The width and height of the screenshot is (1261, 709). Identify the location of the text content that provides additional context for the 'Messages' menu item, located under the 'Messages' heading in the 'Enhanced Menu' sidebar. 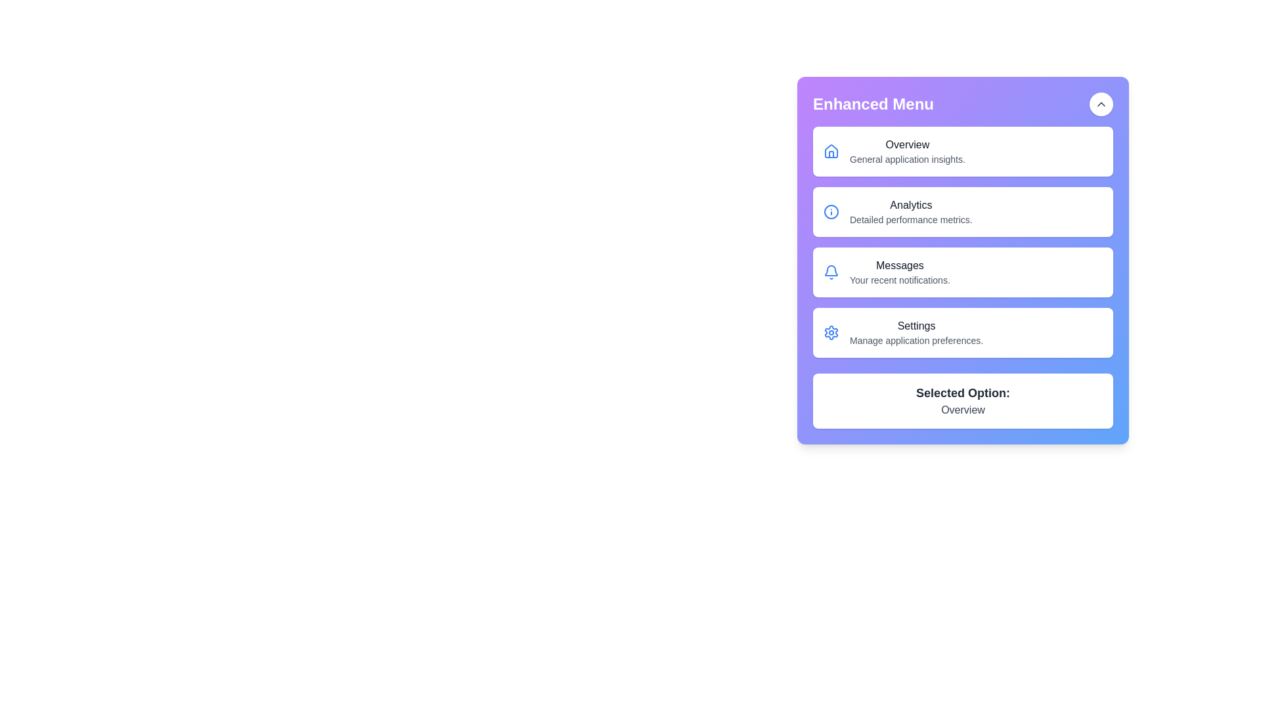
(899, 280).